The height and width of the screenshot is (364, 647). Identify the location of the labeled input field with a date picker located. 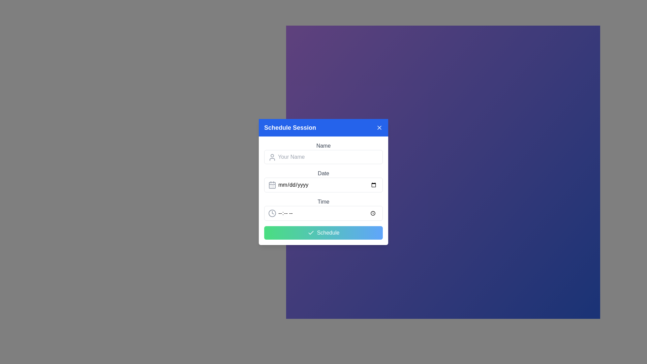
(323, 180).